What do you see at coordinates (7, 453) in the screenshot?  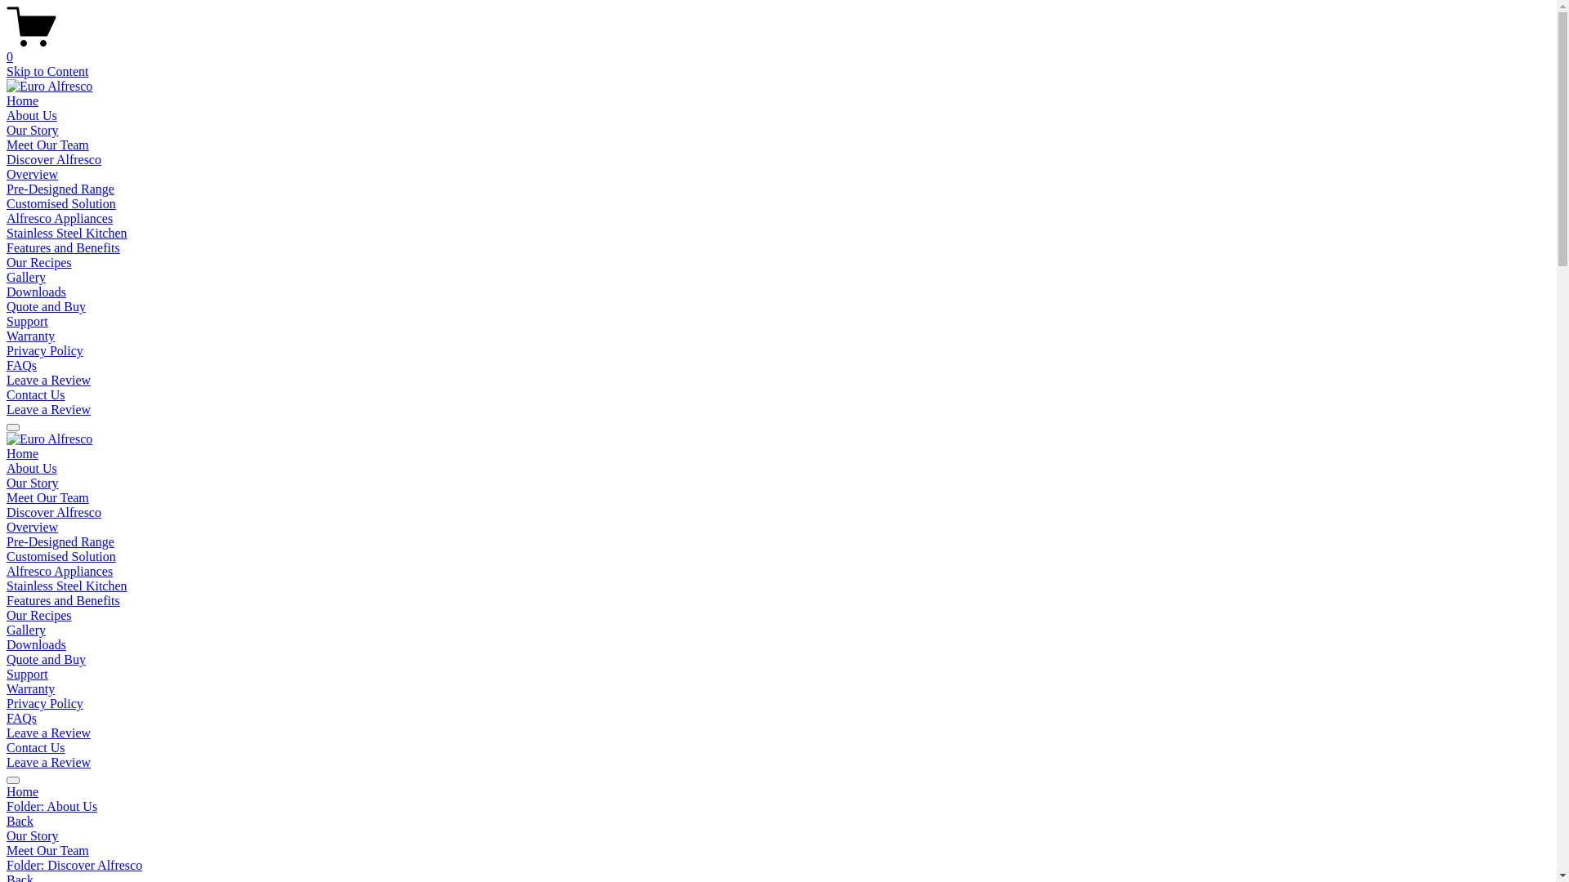 I see `'Home'` at bounding box center [7, 453].